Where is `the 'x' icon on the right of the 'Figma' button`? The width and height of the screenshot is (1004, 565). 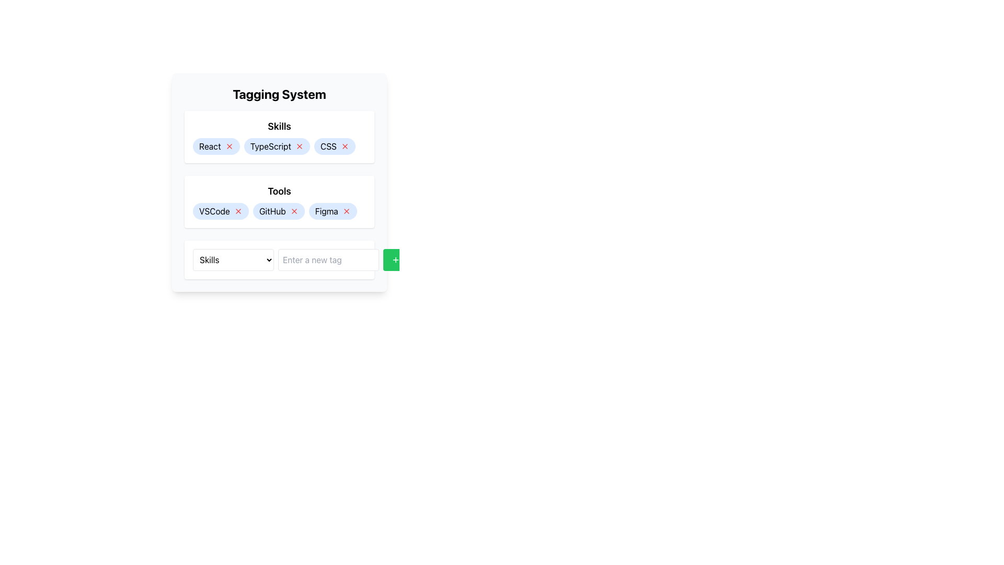 the 'x' icon on the right of the 'Figma' button is located at coordinates (332, 211).